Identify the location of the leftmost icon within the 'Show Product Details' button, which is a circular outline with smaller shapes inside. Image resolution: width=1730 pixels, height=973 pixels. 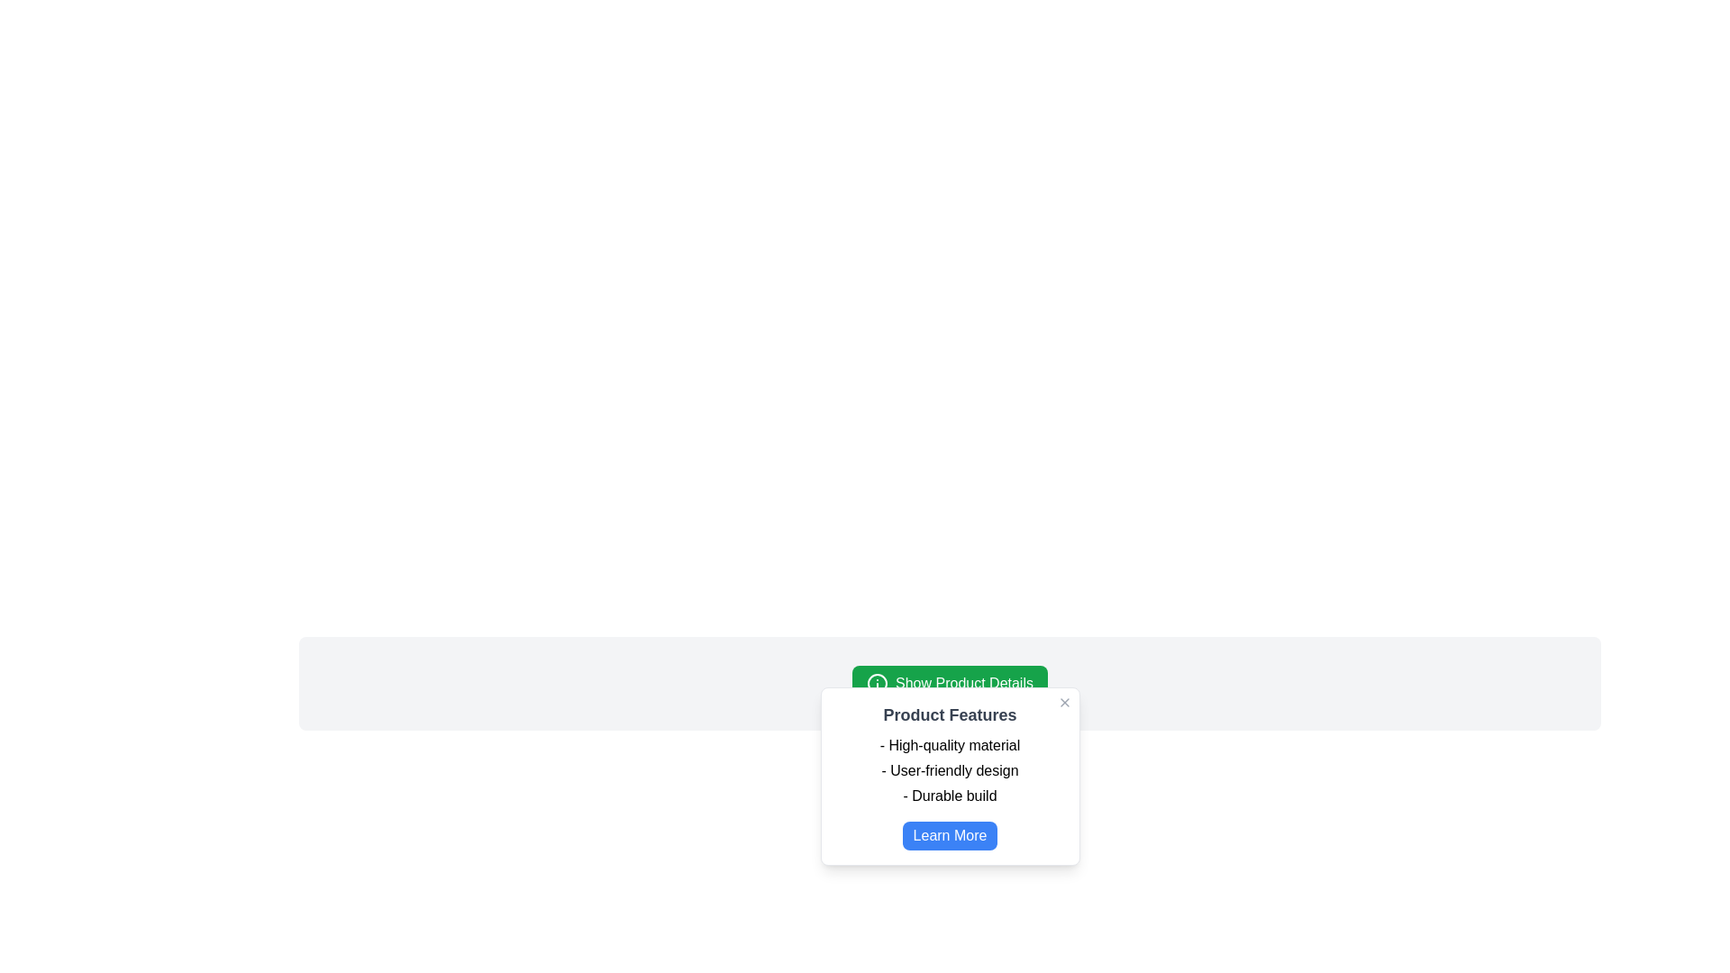
(878, 684).